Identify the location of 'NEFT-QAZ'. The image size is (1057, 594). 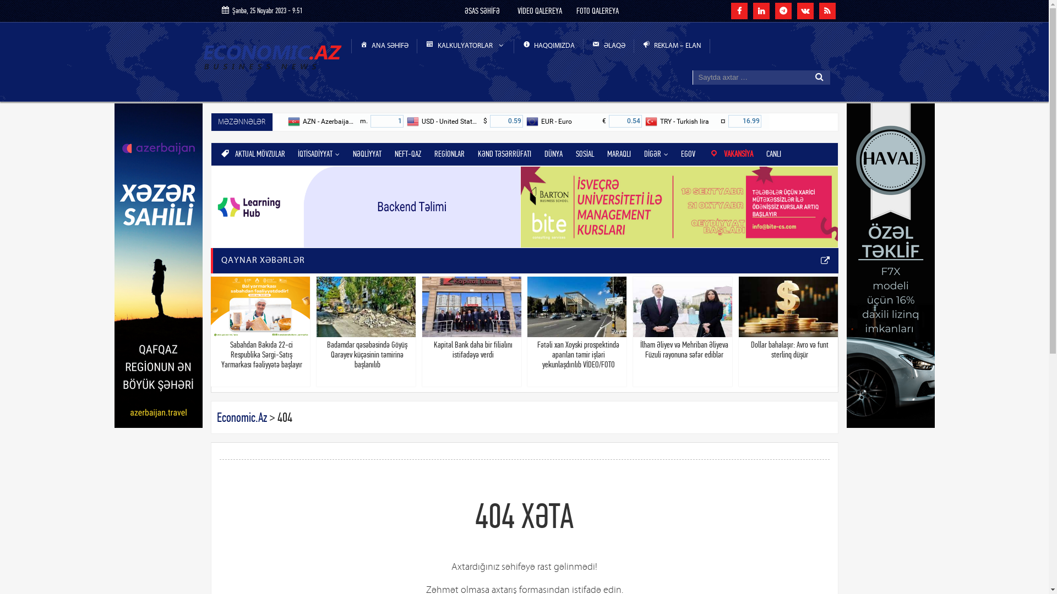
(407, 154).